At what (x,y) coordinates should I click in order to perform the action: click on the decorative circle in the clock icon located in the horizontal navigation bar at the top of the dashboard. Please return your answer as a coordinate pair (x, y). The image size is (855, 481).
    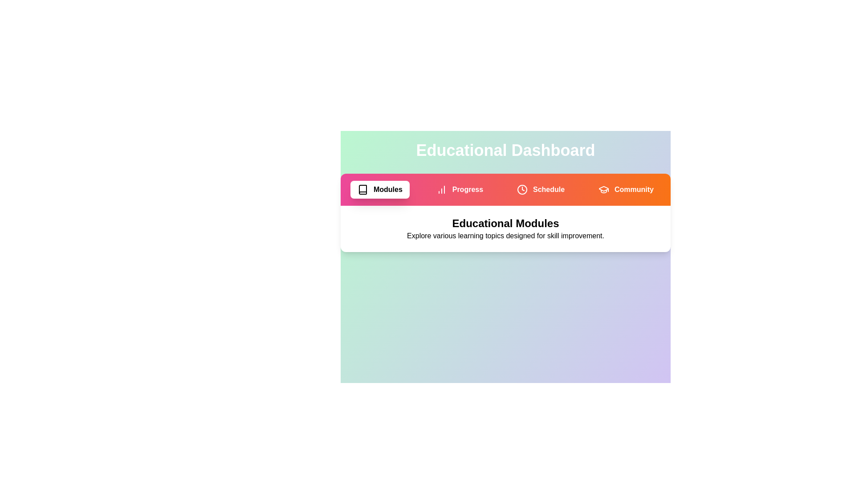
    Looking at the image, I should click on (522, 189).